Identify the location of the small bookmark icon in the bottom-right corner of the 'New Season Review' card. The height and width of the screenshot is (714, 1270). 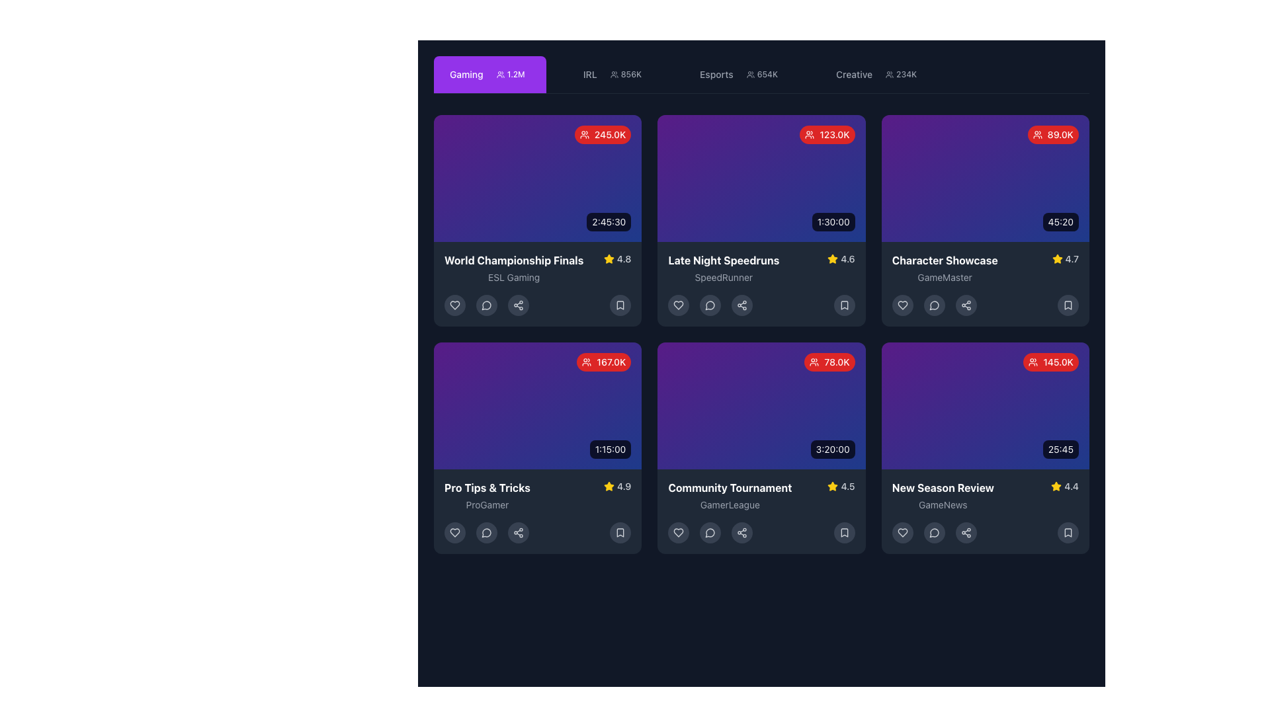
(843, 532).